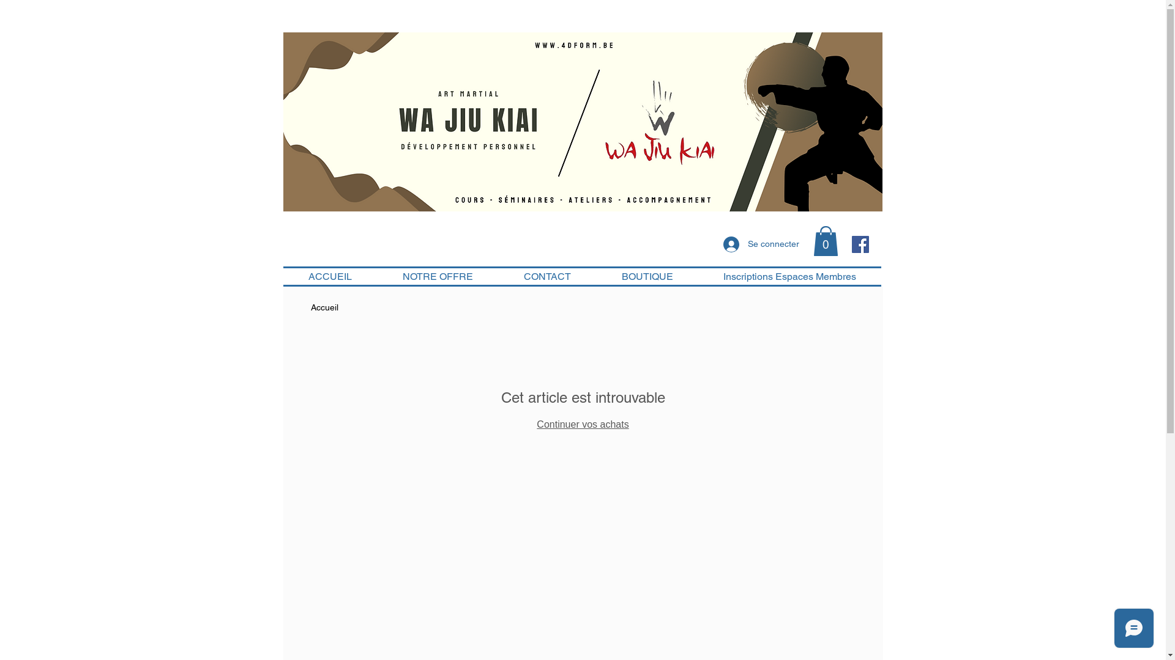  I want to click on 'NOTRE OFFRE', so click(438, 276).